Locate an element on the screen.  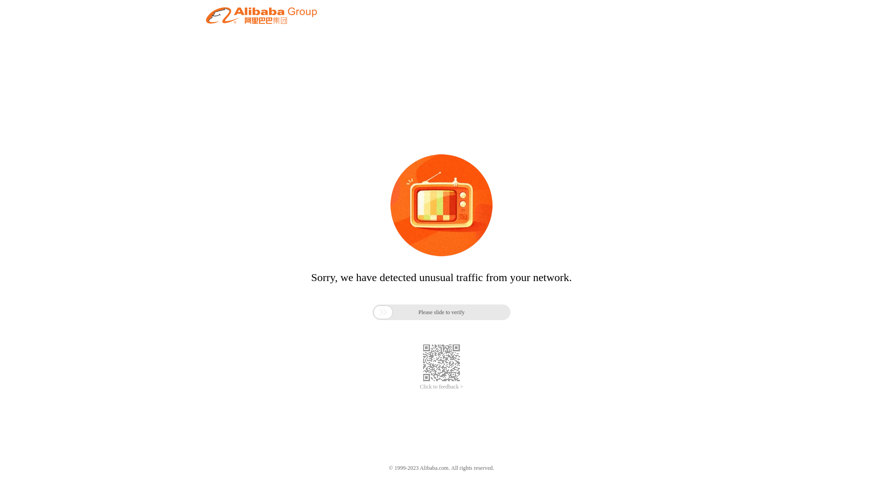
'Click to feedback >' is located at coordinates (441, 387).